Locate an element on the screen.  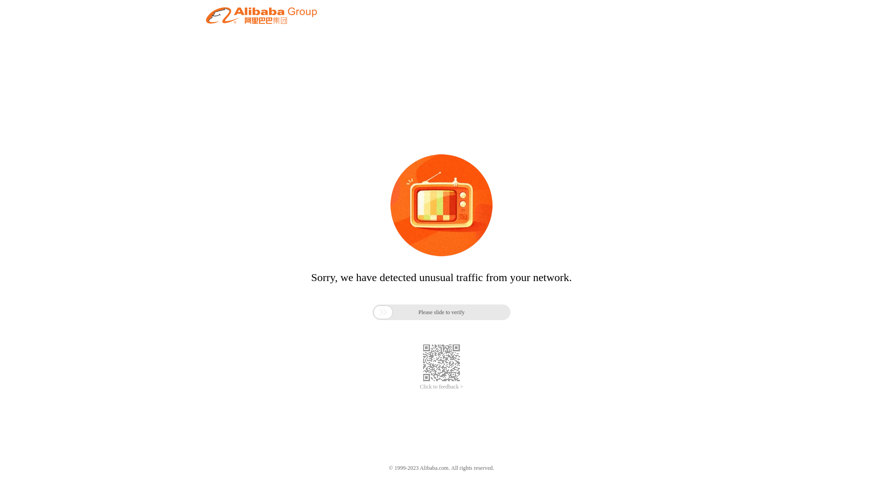
'Click to feedback >' is located at coordinates (441, 387).